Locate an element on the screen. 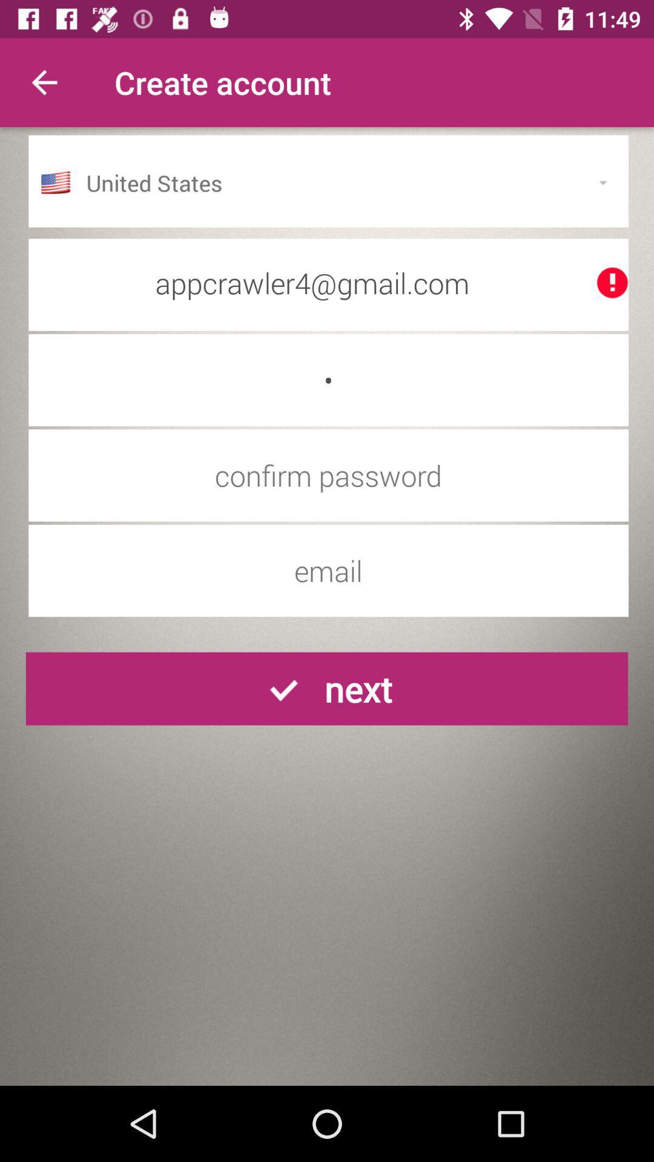 The image size is (654, 1162). email is located at coordinates (328, 570).